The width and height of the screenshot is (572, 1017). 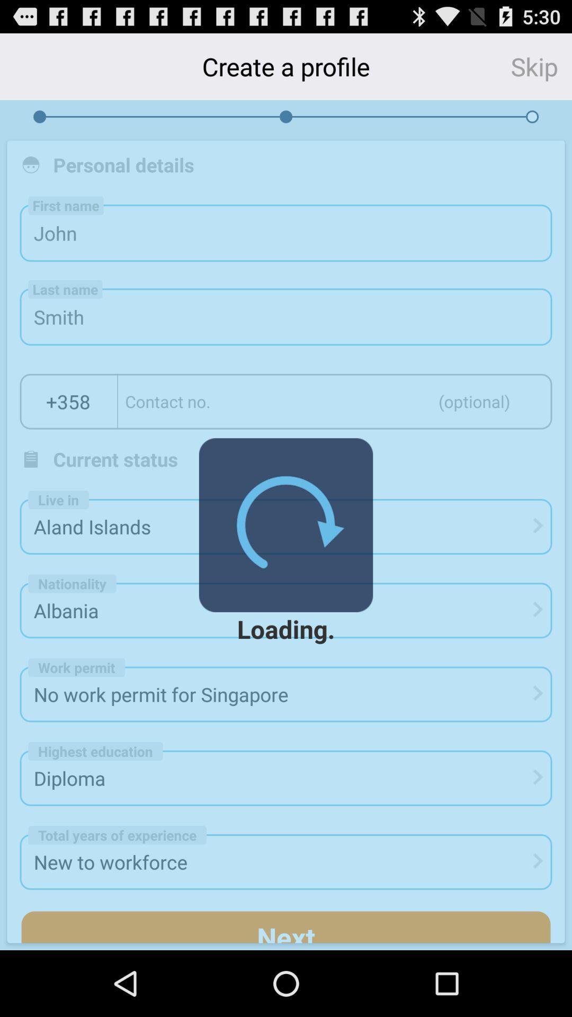 What do you see at coordinates (541, 66) in the screenshot?
I see `the button which is next to the create a profile` at bounding box center [541, 66].